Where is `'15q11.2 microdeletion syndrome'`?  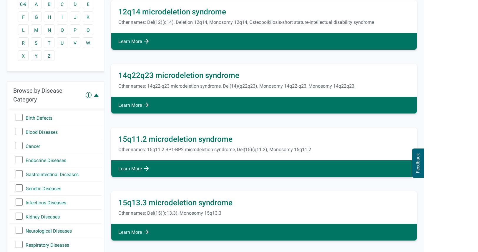
'15q11.2 microdeletion syndrome' is located at coordinates (118, 139).